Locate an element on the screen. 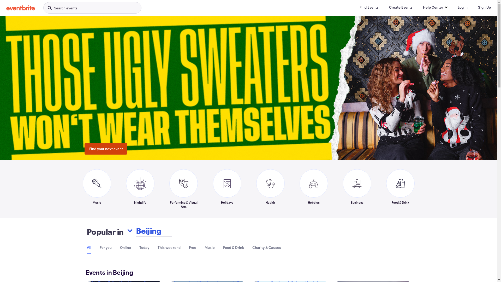 Image resolution: width=501 pixels, height=282 pixels. 'Sign Up' is located at coordinates (484, 7).